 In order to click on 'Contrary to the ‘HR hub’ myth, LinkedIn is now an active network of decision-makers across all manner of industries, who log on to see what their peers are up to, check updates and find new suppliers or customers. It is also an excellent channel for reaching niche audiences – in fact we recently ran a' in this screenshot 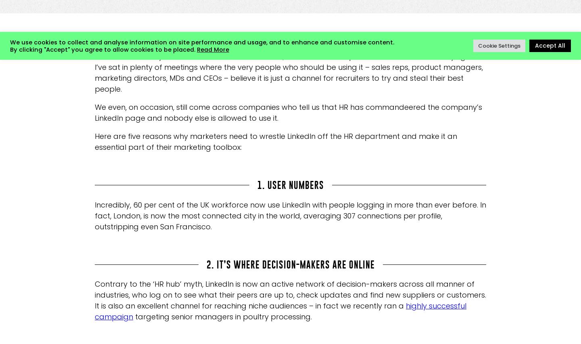, I will do `click(290, 294)`.